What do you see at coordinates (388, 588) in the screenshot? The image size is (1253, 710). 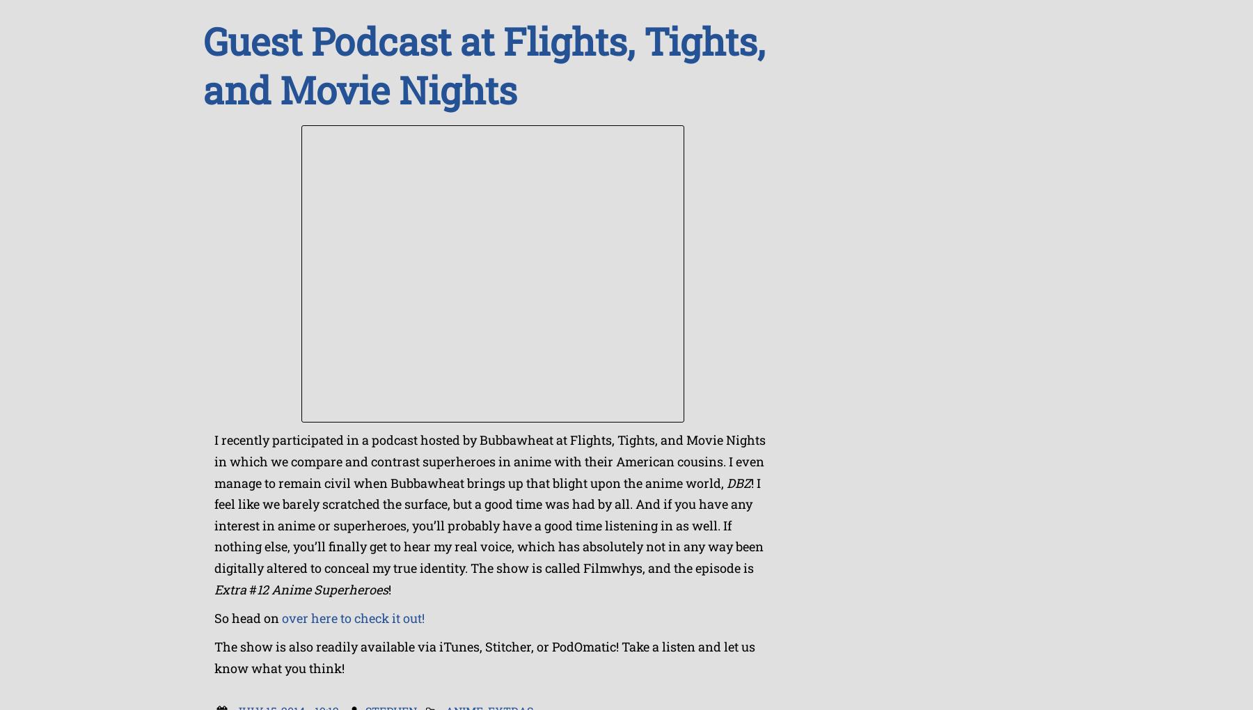 I see `'!'` at bounding box center [388, 588].